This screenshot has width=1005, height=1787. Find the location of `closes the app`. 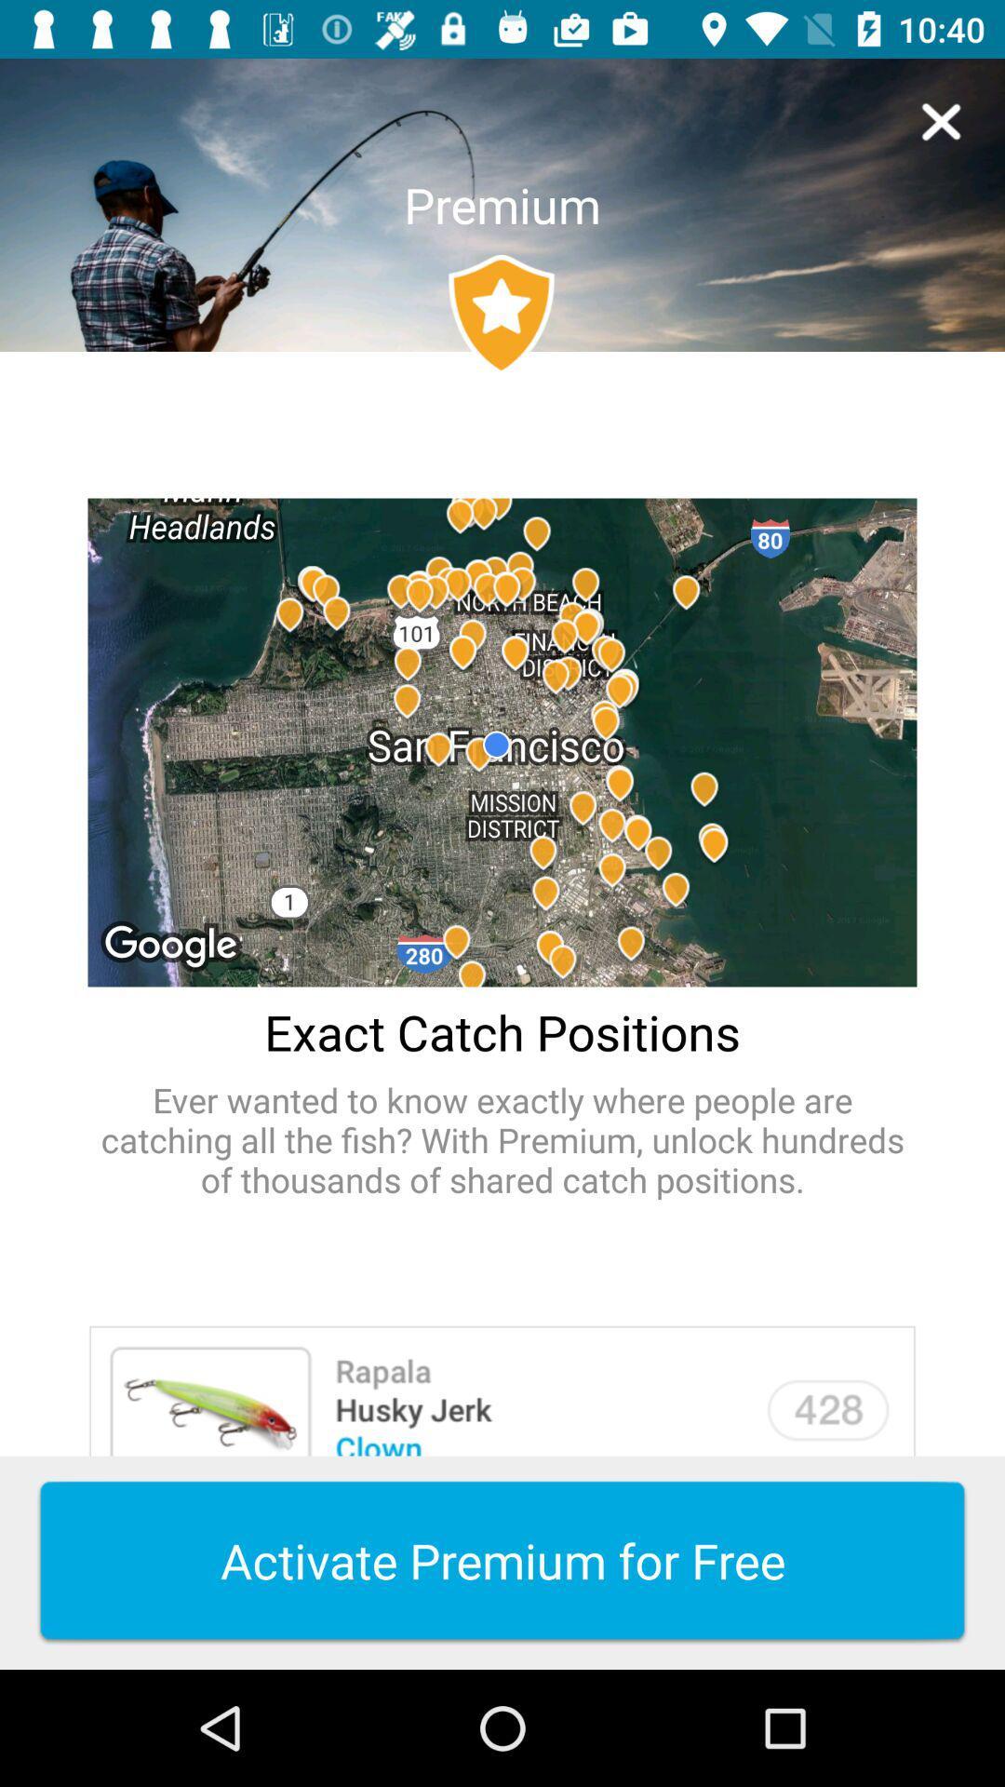

closes the app is located at coordinates (941, 121).